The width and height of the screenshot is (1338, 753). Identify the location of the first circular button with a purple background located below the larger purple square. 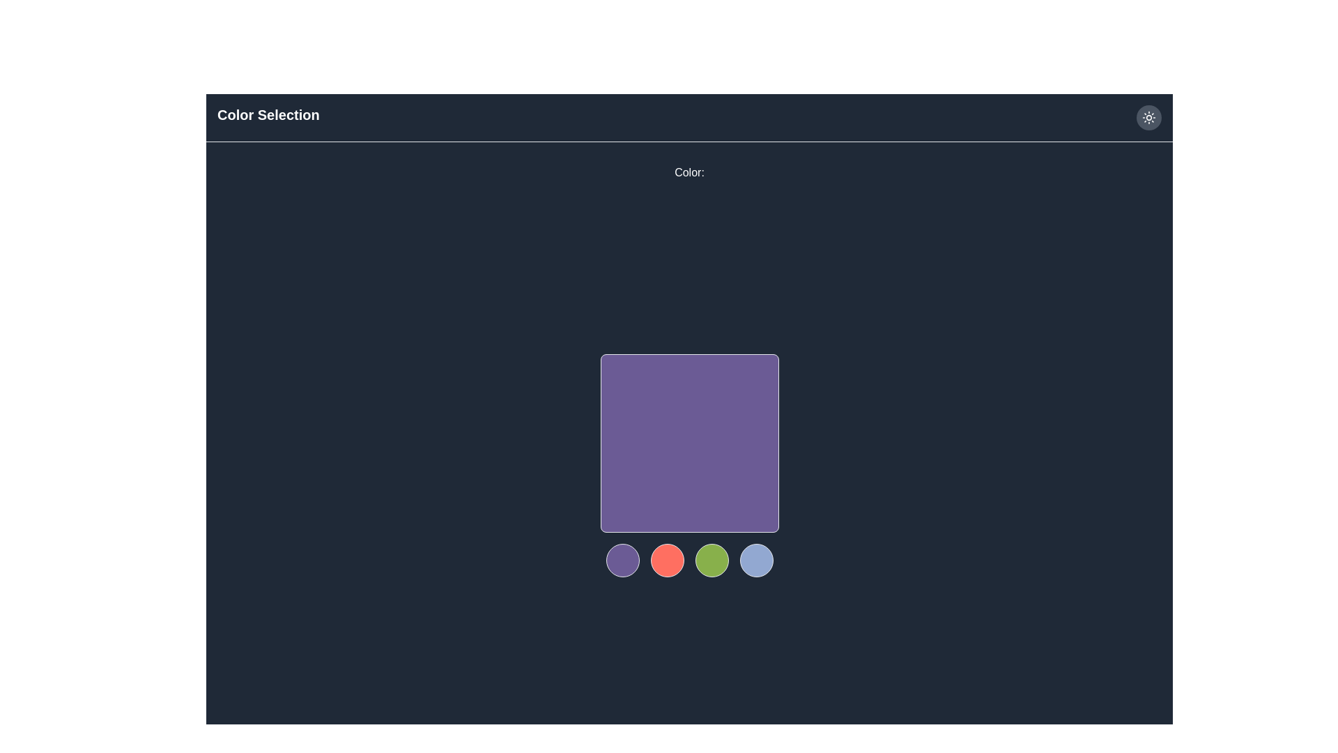
(622, 559).